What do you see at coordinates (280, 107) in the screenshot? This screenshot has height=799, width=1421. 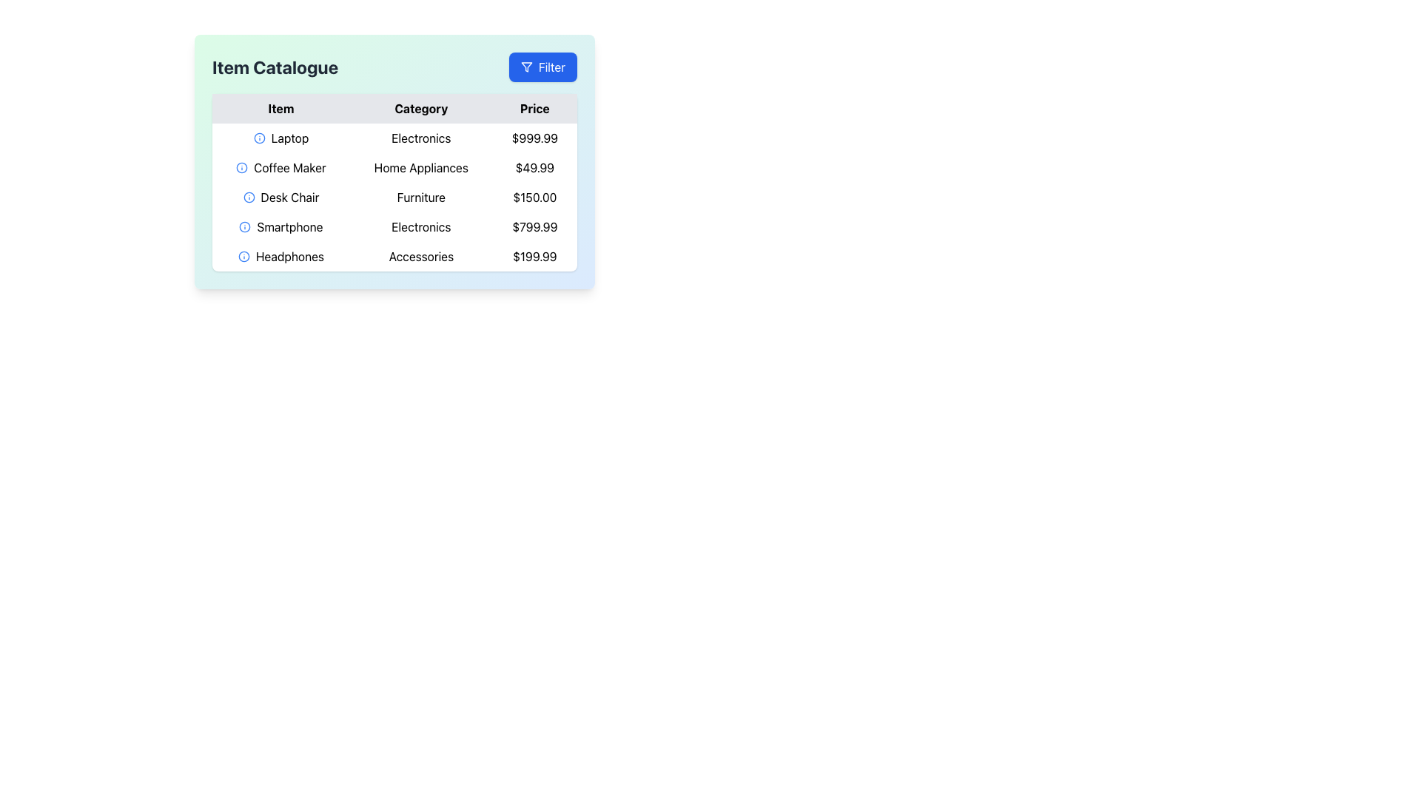 I see `the 'Item' label, which is a bold, centered text displayed in the header row of the table, located on the leftmost side adjacent to 'Category' and 'Price'` at bounding box center [280, 107].